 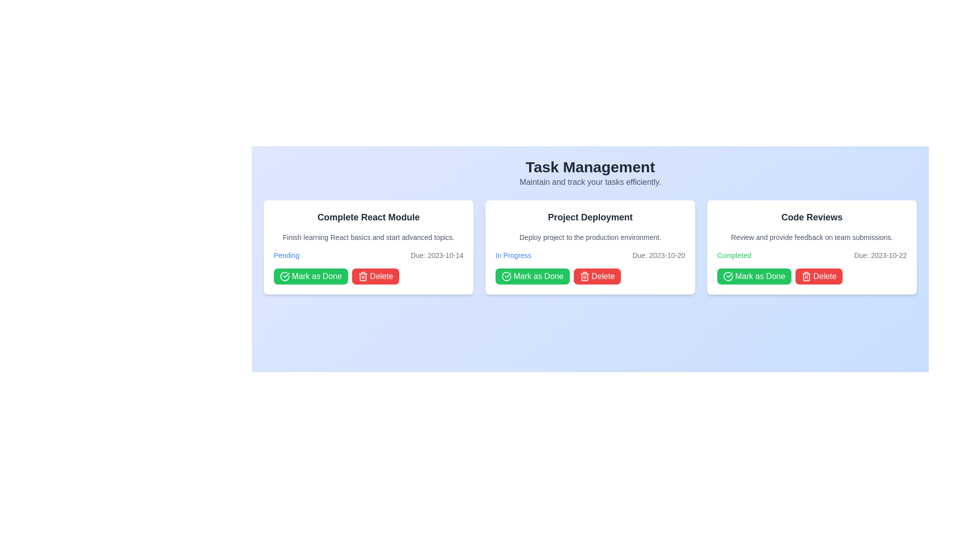 What do you see at coordinates (590, 173) in the screenshot?
I see `the text display component that serves as the title and subtitle for the task management section, located at the top of the layout` at bounding box center [590, 173].